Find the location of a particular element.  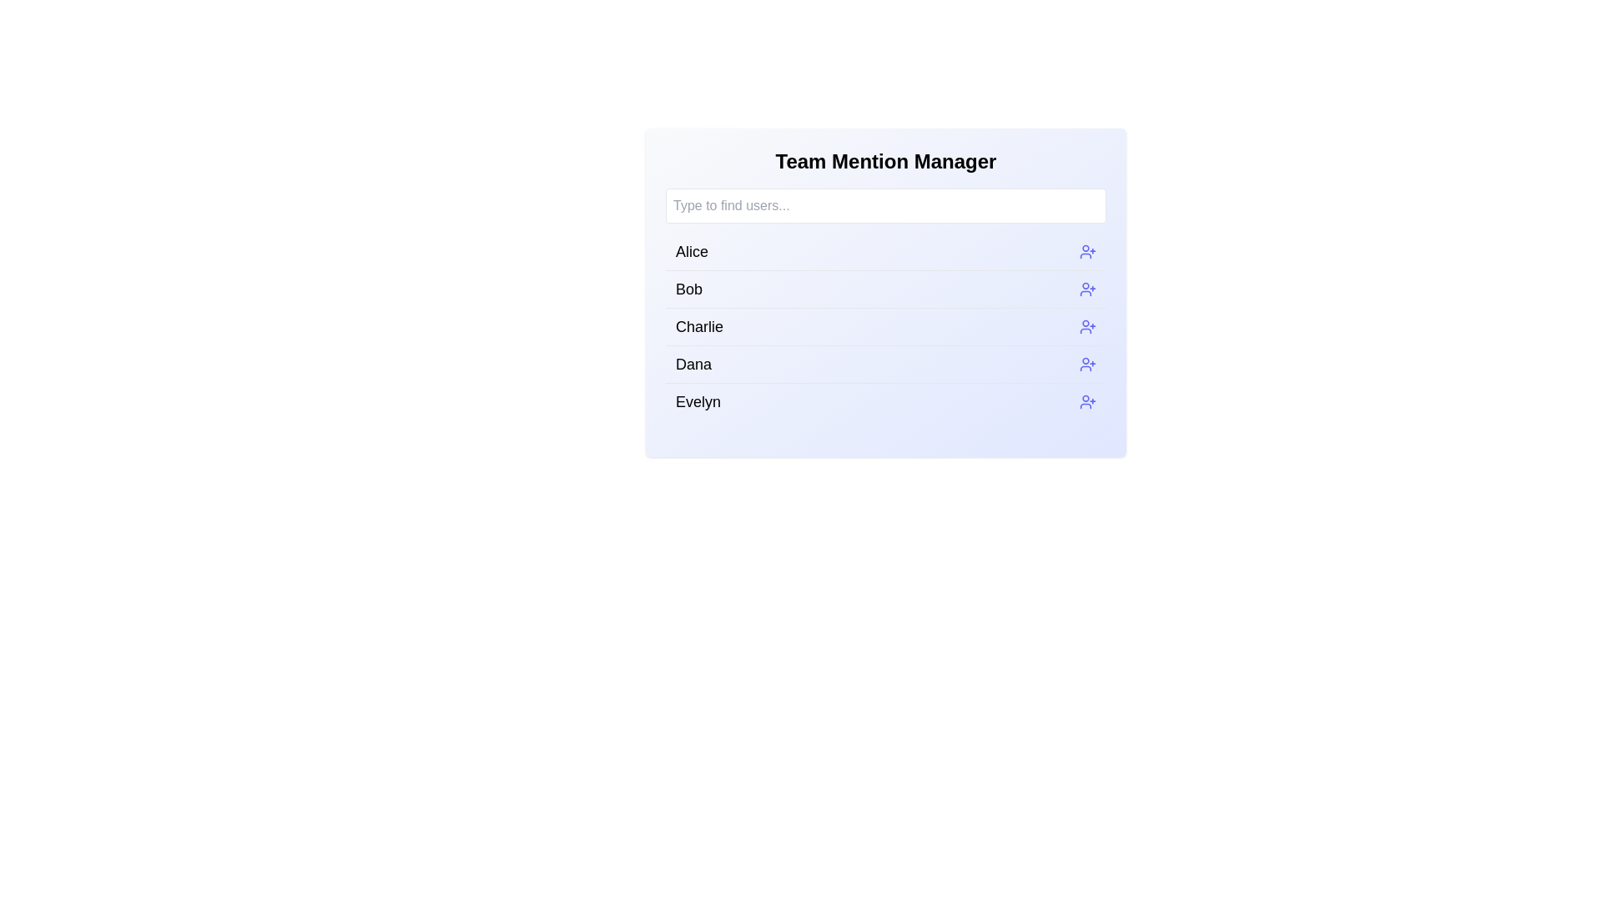

the icon located in the right section of the row labeled 'Alice' is located at coordinates (1088, 251).